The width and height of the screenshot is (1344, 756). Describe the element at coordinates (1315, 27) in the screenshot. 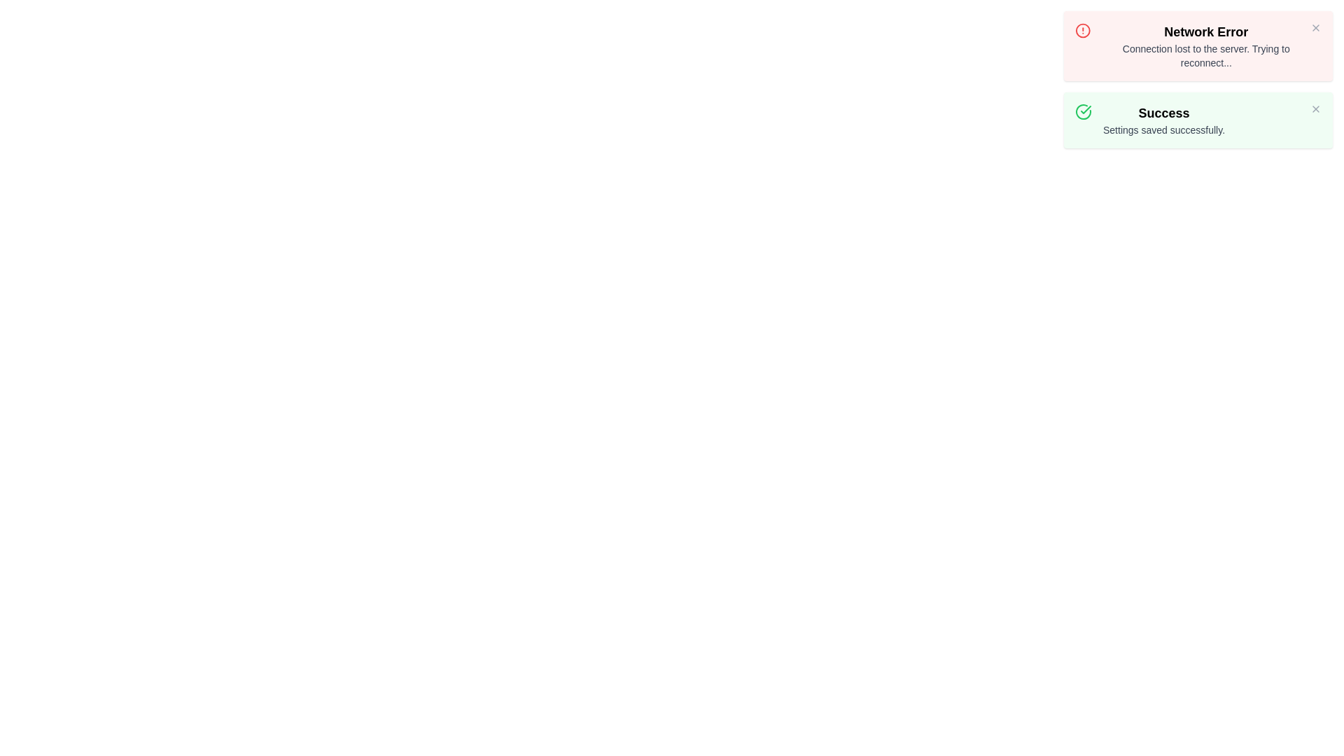

I see `the close button for the error notification, which is located at the top-right corner of the notification box displaying the message starting with 'Network Error'` at that location.